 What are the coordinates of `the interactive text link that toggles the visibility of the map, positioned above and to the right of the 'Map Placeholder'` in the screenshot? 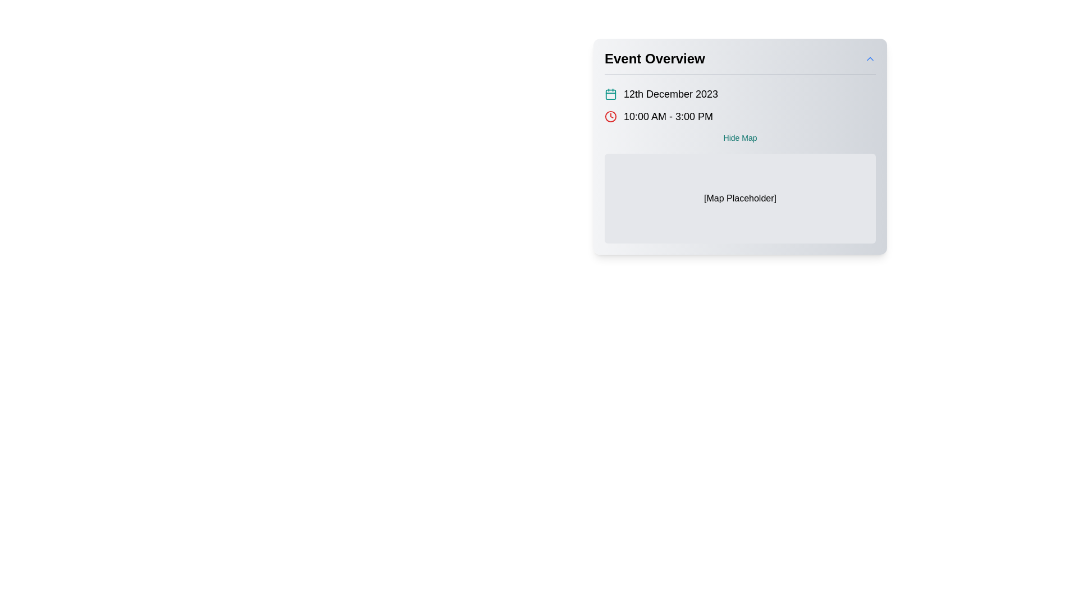 It's located at (740, 137).